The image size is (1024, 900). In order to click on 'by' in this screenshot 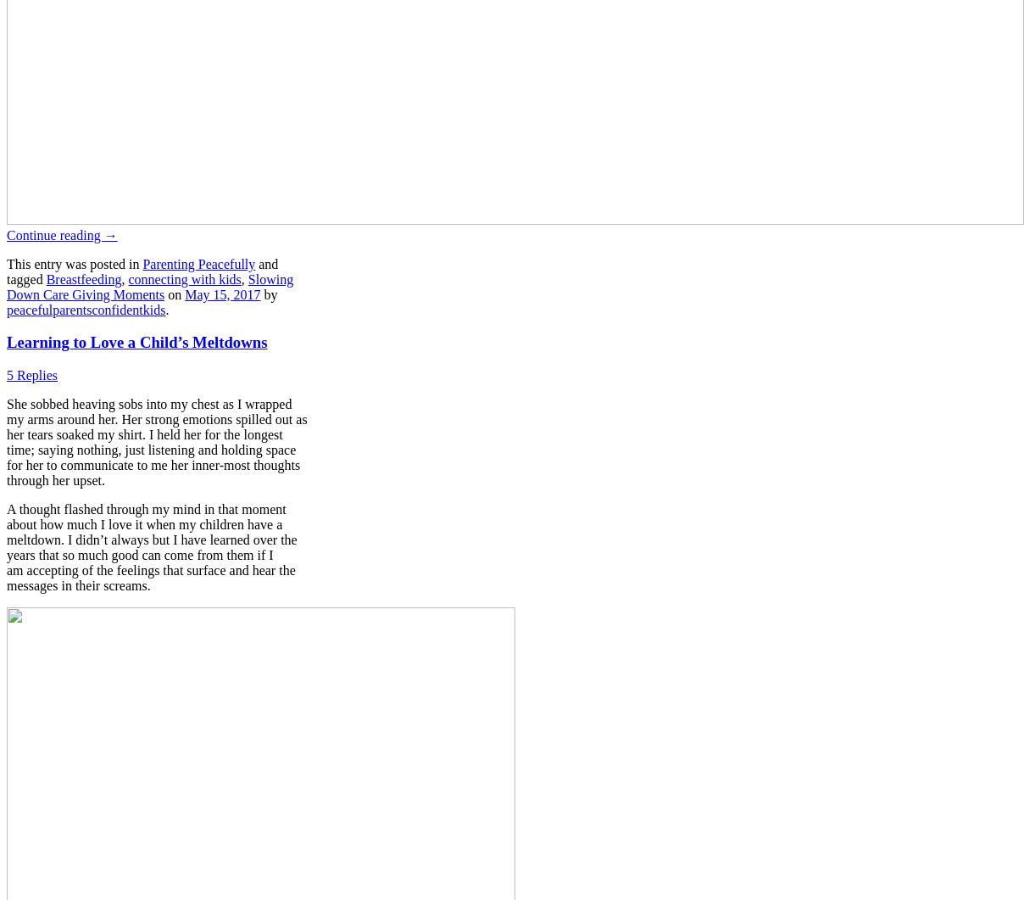, I will do `click(267, 293)`.